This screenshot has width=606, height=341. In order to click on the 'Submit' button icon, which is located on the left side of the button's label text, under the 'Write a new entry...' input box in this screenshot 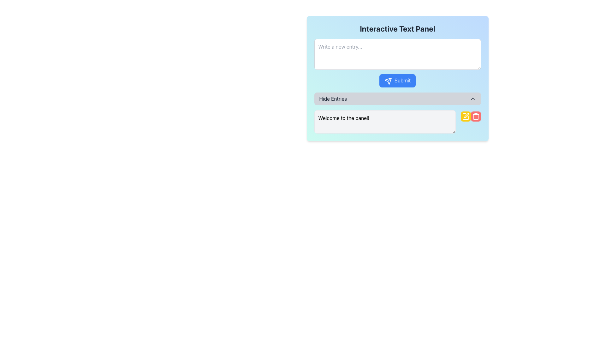, I will do `click(388, 81)`.